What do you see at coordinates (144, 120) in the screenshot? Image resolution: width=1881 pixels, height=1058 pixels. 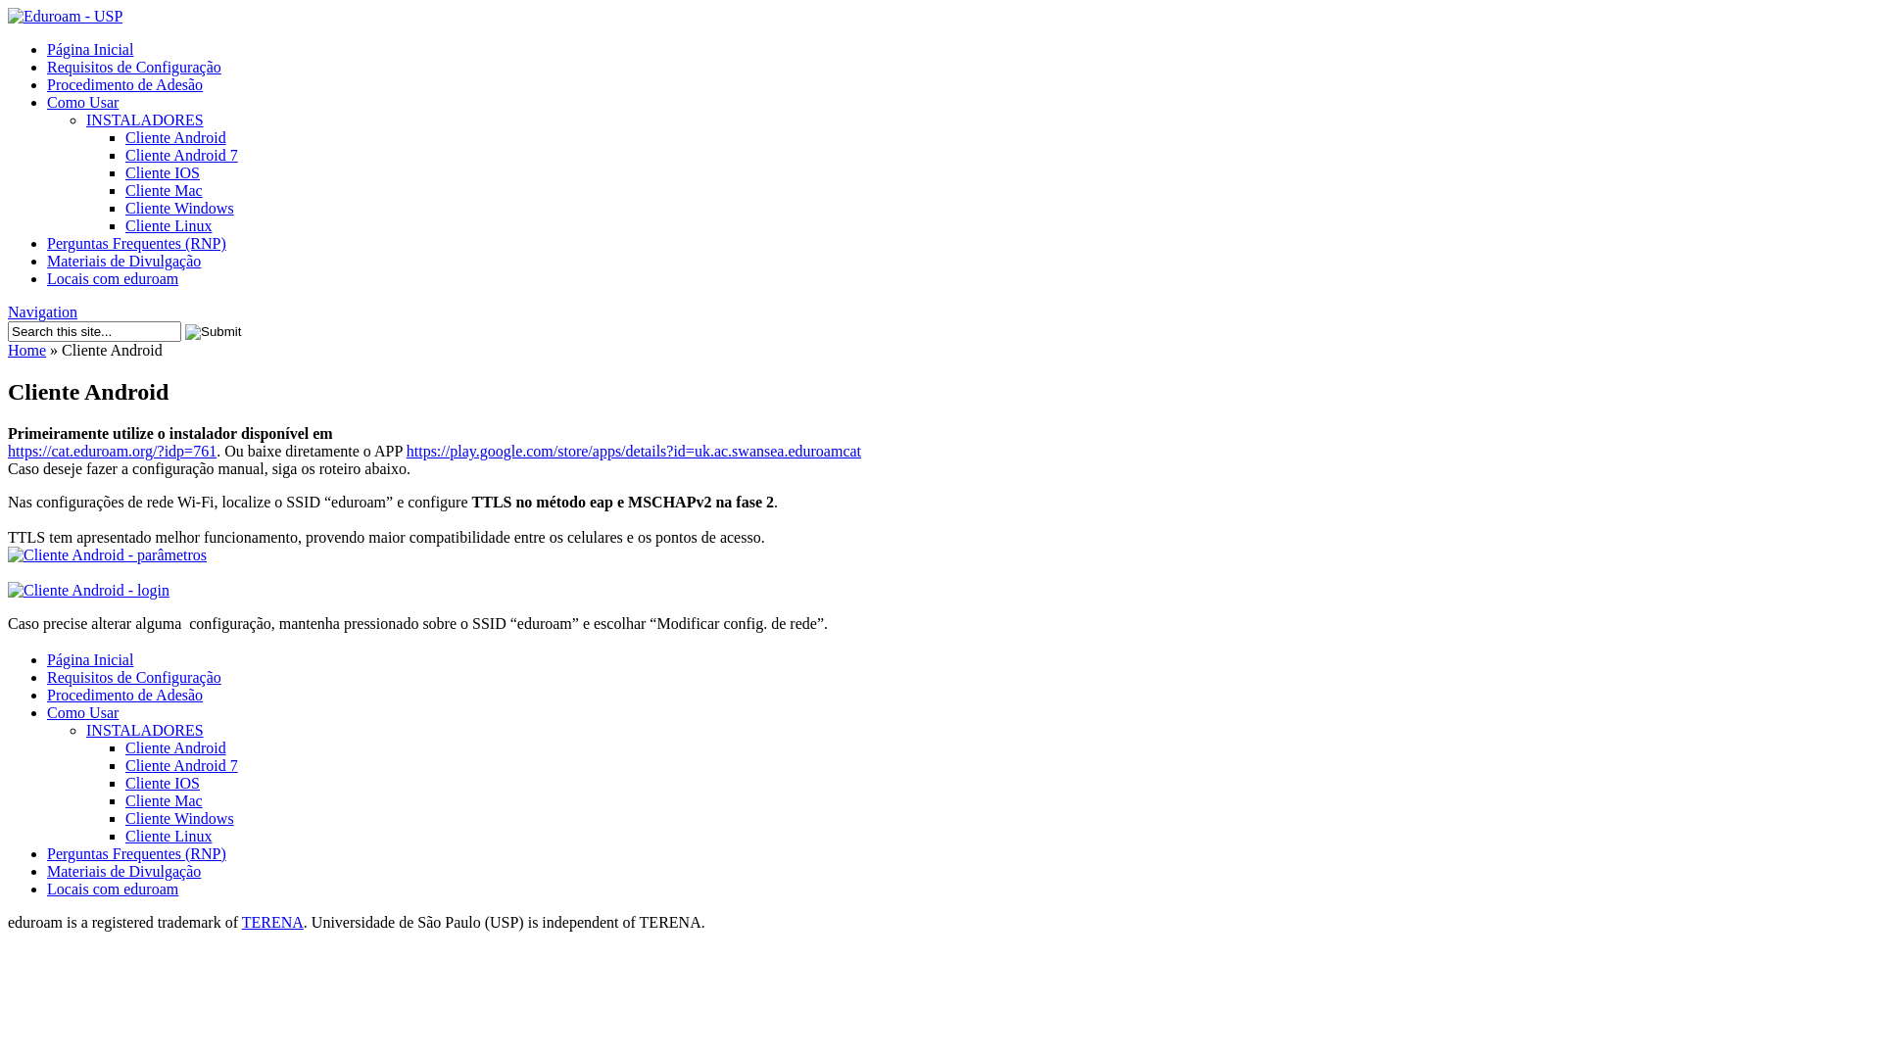 I see `'INSTALADORES'` at bounding box center [144, 120].